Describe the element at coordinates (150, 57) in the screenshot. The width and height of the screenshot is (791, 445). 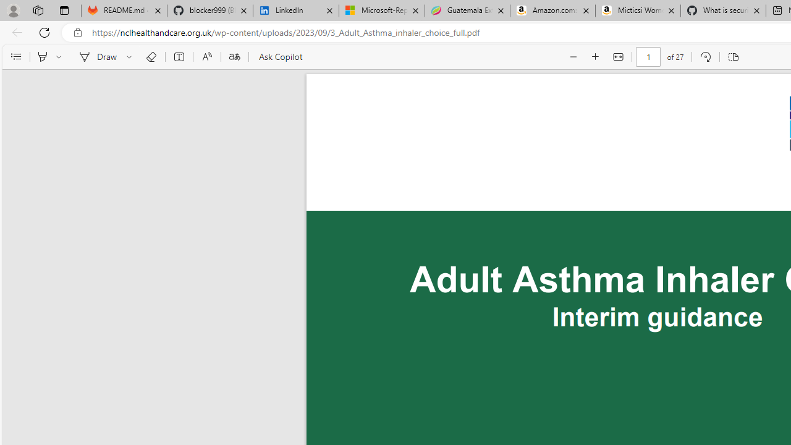
I see `'Erase'` at that location.